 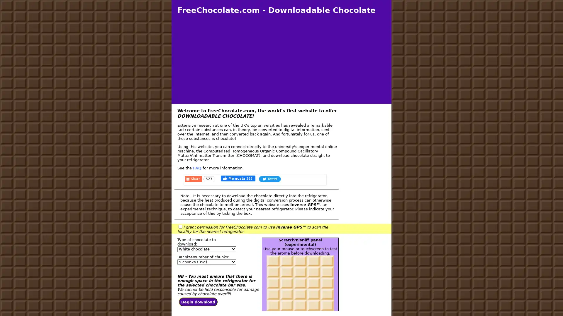 I want to click on Begin download, so click(x=198, y=302).